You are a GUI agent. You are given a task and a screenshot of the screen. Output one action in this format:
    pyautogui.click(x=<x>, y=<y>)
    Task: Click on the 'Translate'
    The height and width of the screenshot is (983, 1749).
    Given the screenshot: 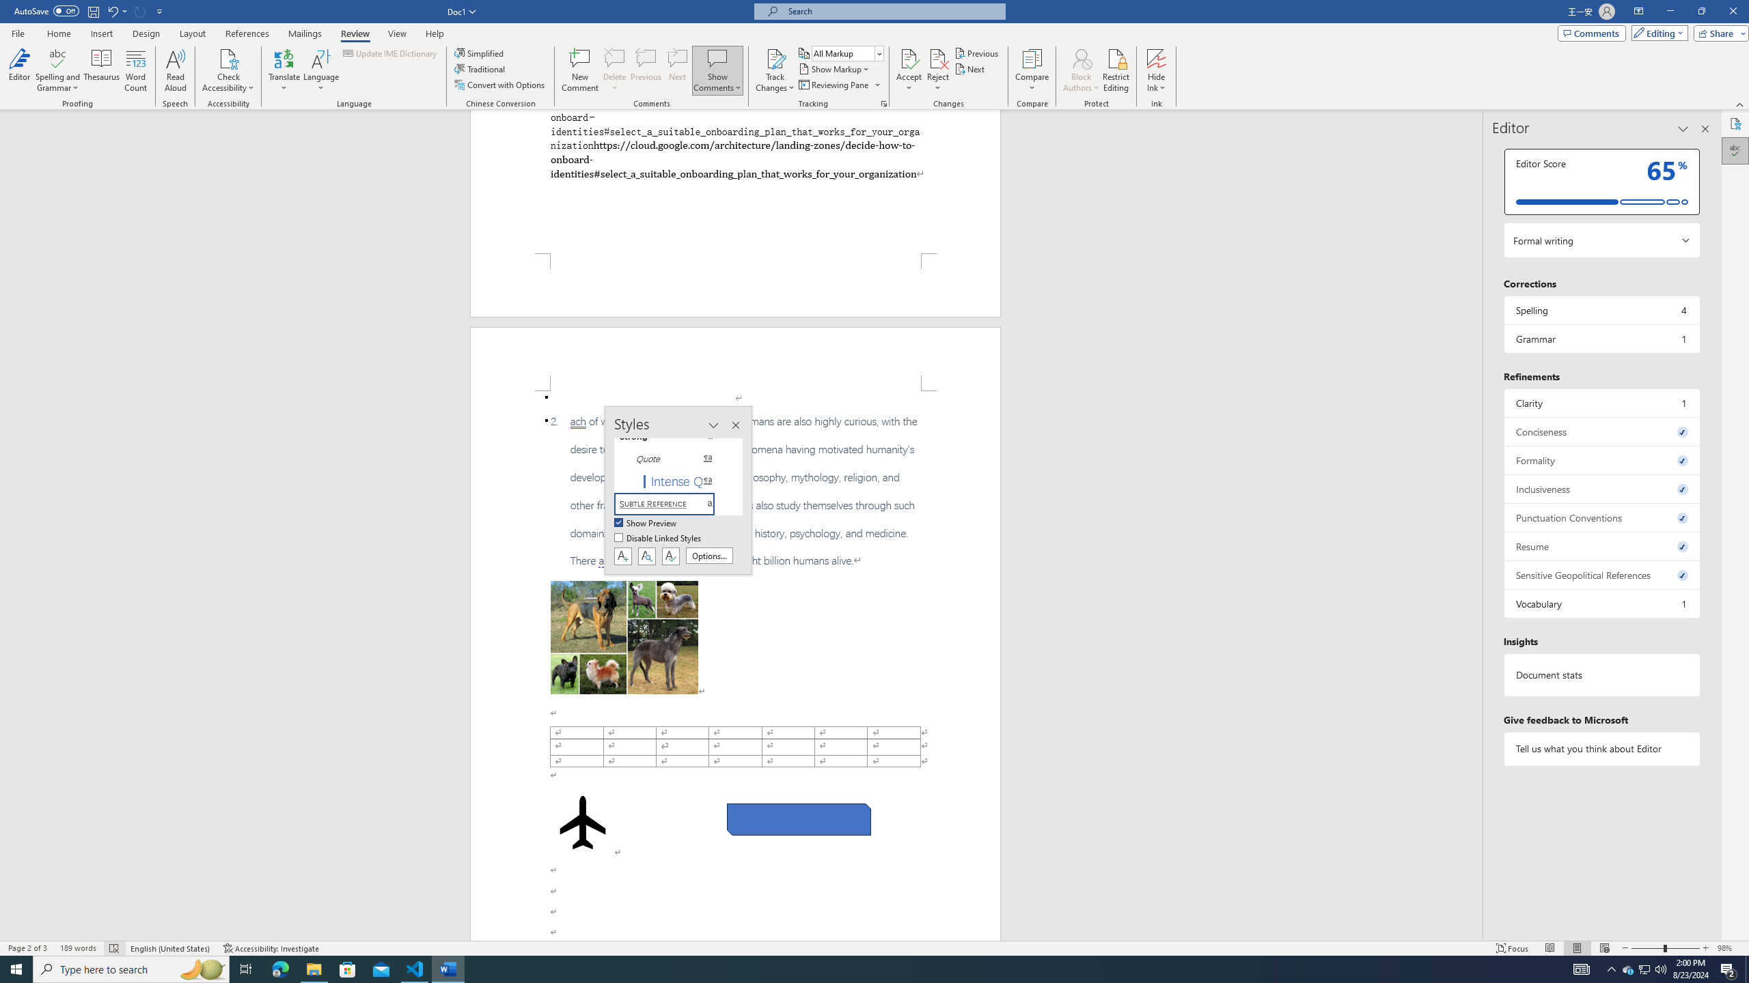 What is the action you would take?
    pyautogui.click(x=284, y=70)
    